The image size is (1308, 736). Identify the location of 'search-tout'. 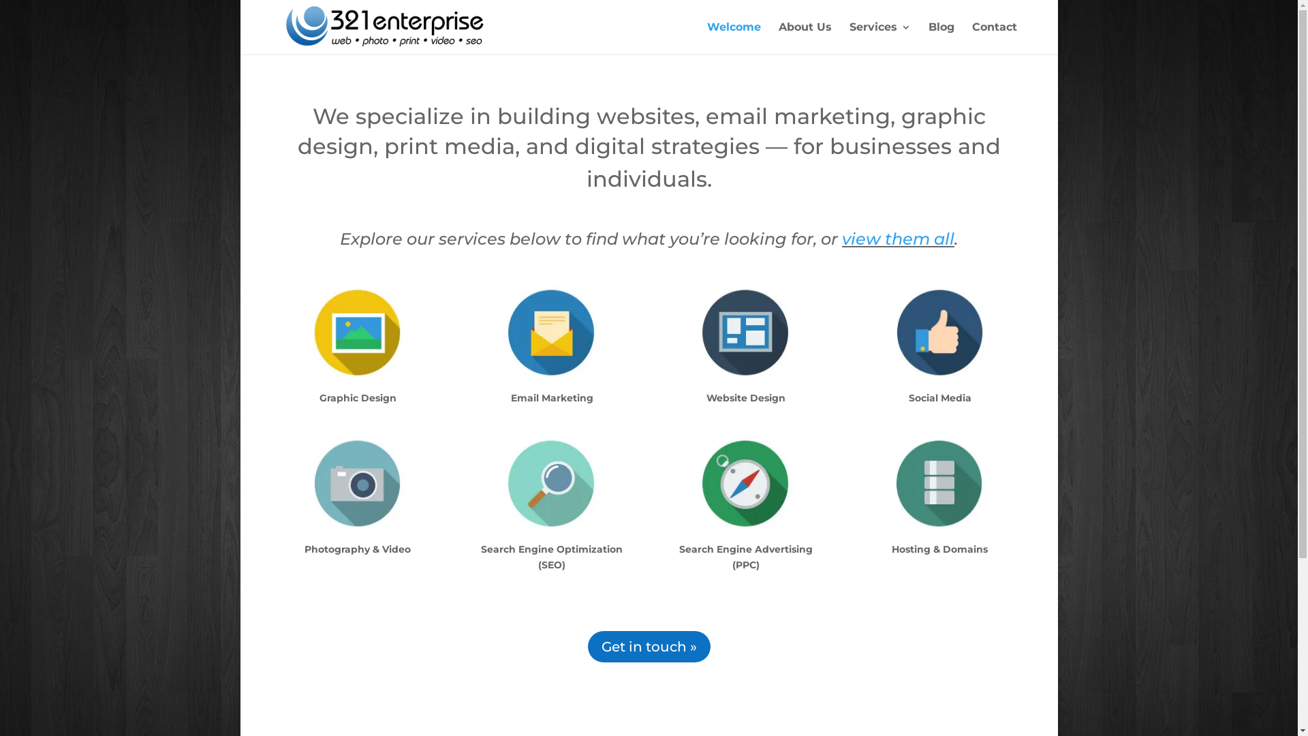
(551, 482).